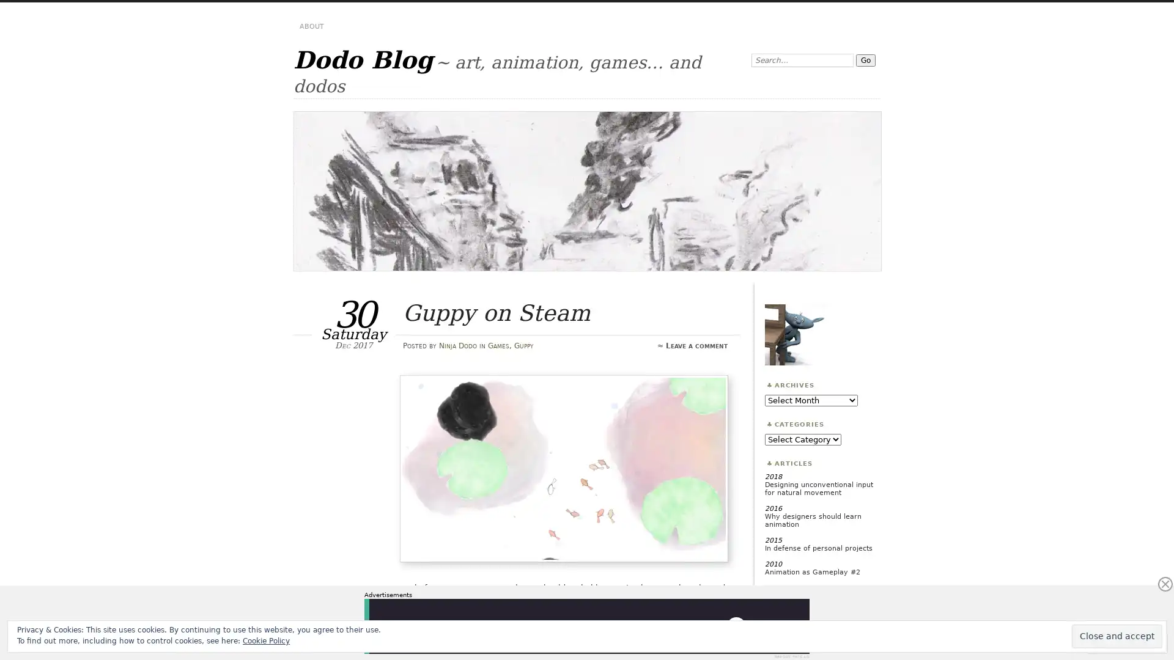 The image size is (1174, 660). What do you see at coordinates (865, 61) in the screenshot?
I see `Go` at bounding box center [865, 61].